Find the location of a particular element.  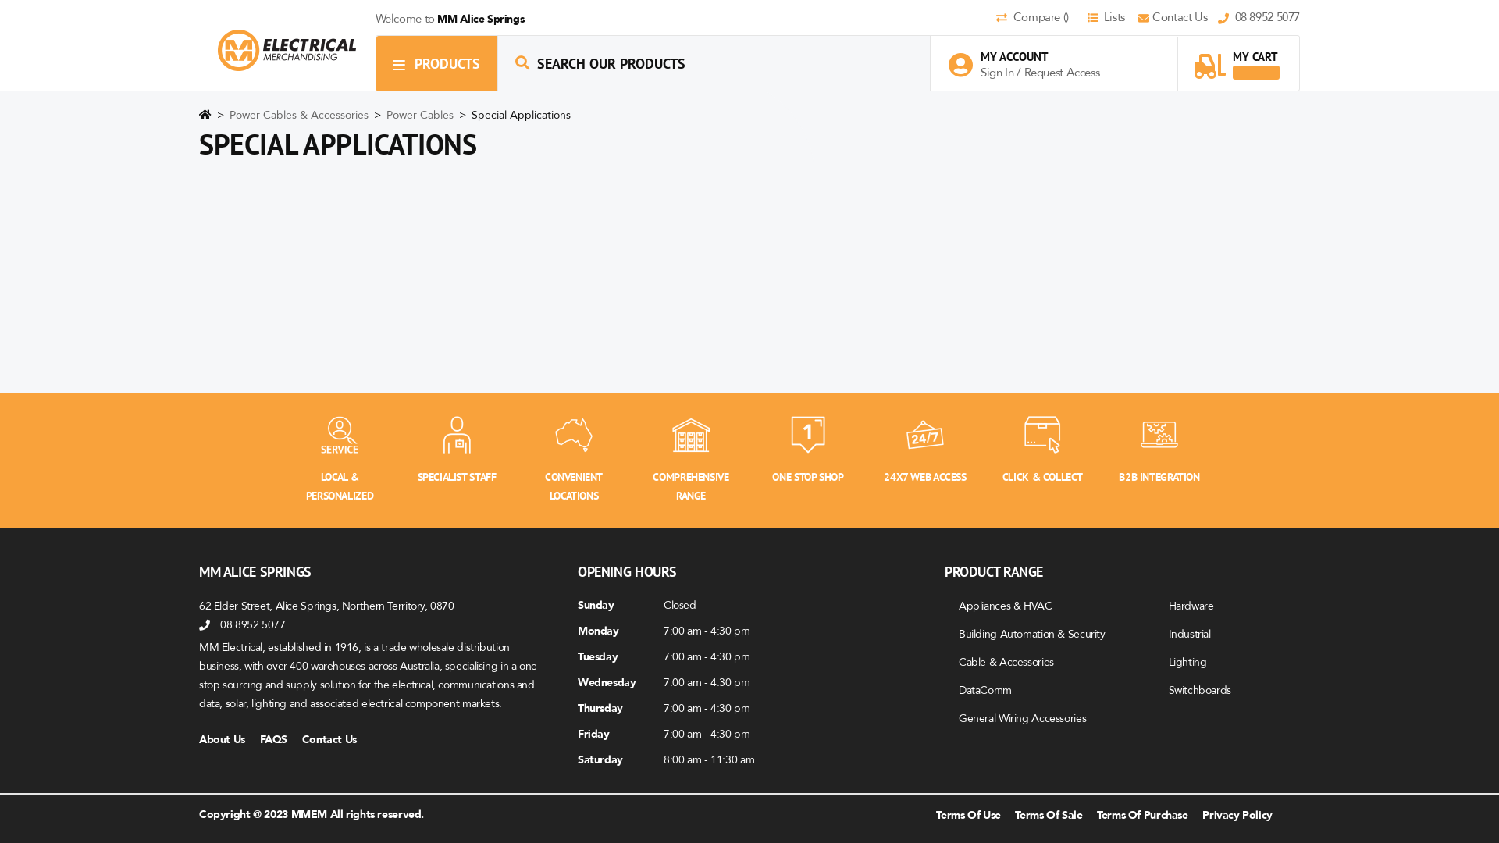

'FAQS' is located at coordinates (280, 738).